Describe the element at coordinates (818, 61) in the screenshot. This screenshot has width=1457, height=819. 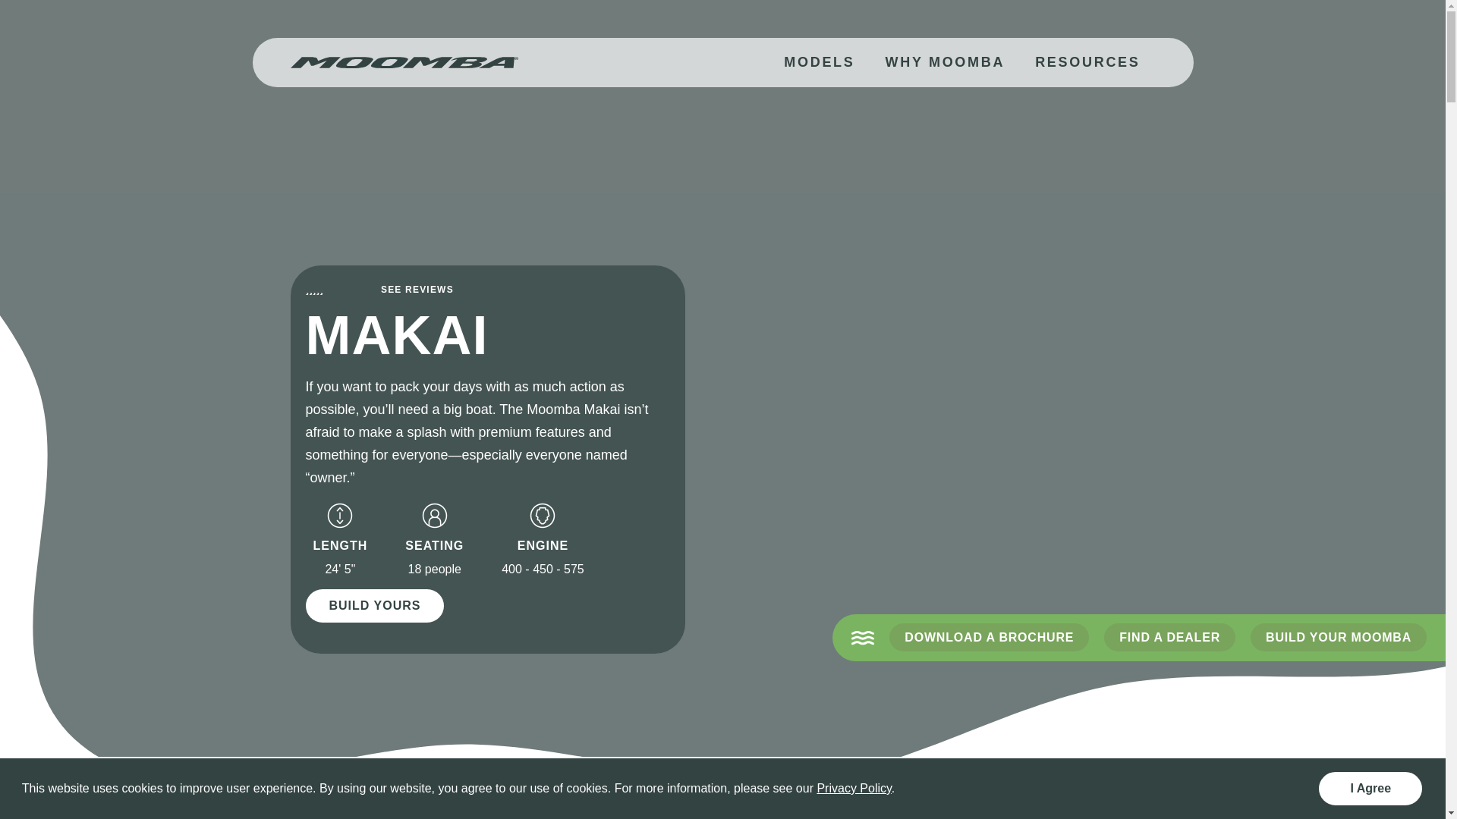
I see `'MODELS'` at that location.